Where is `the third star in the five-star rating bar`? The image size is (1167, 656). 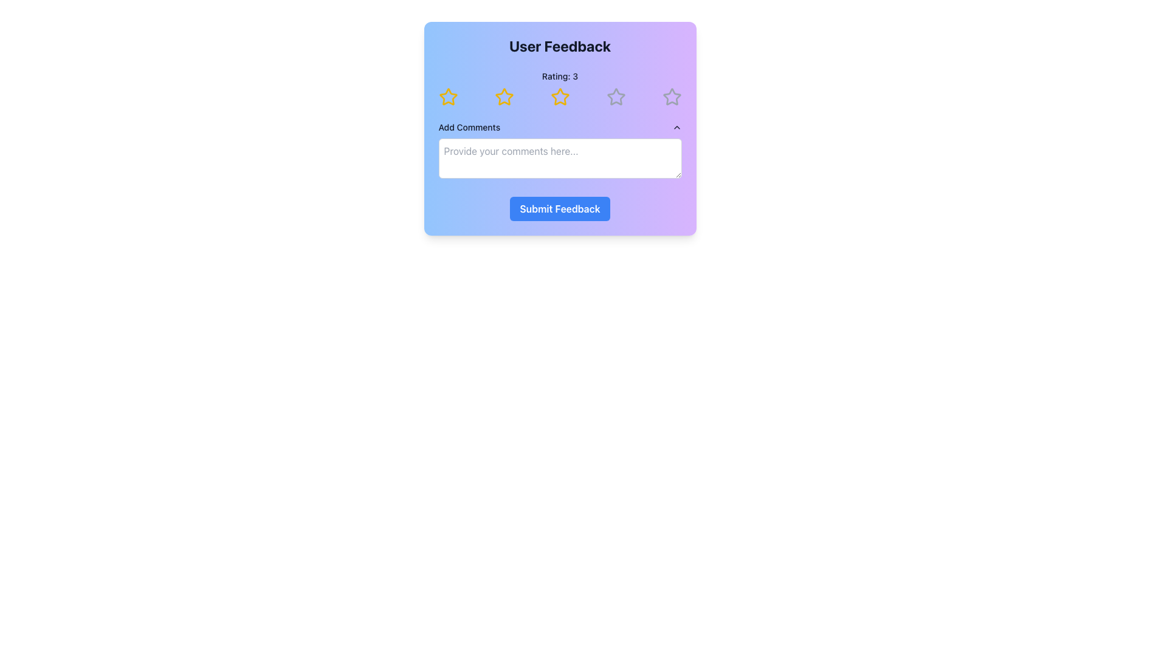 the third star in the five-star rating bar is located at coordinates (504, 96).